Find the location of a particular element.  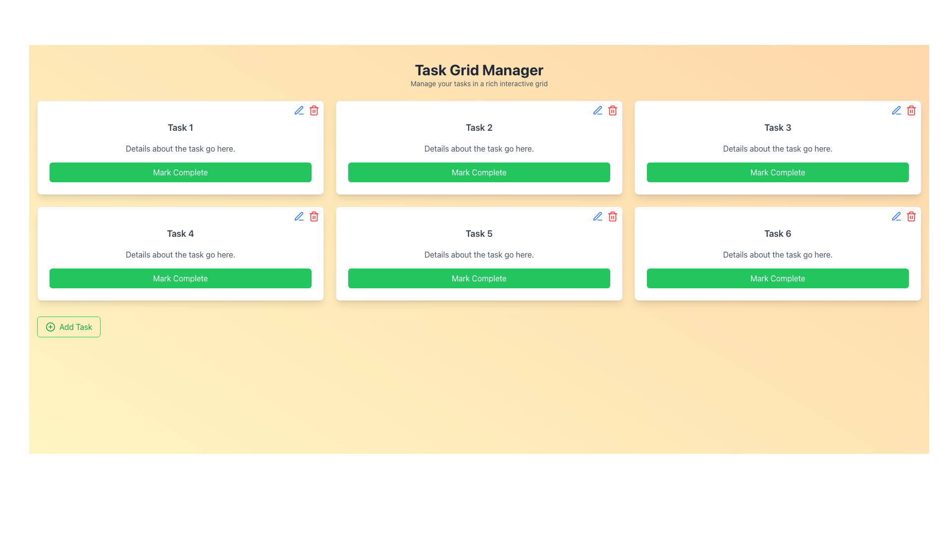

the blue pen-shaped edit button located at the top-right corner of the 'Task 1' card is located at coordinates (299, 110).